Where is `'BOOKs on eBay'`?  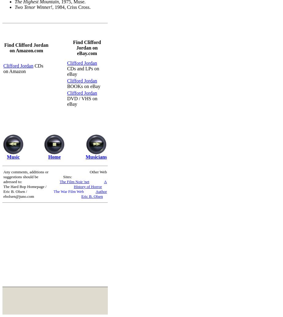 'BOOKs on eBay' is located at coordinates (84, 86).